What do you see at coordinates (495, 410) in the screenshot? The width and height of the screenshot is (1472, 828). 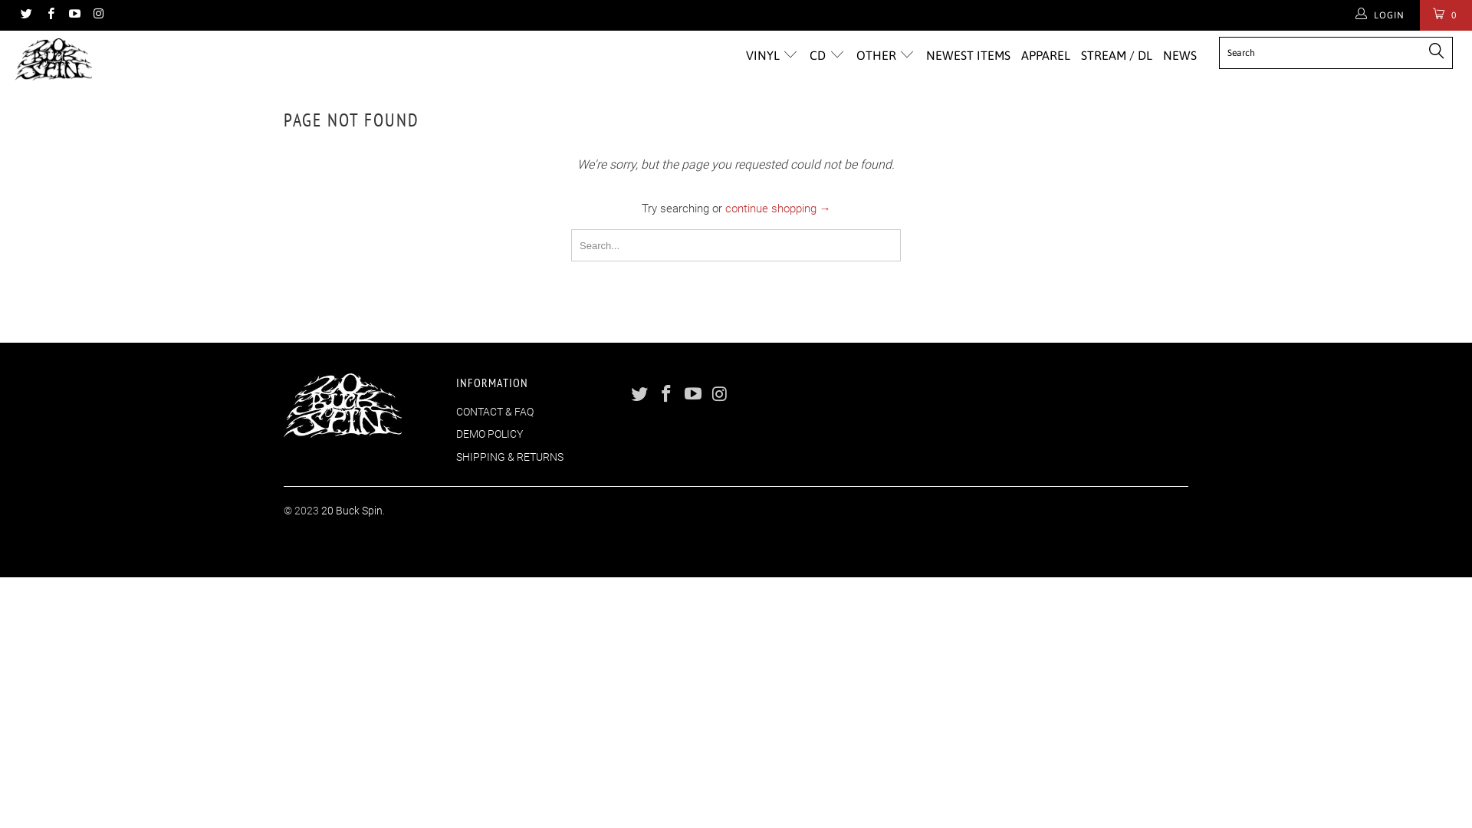 I see `'CONTACT & FAQ'` at bounding box center [495, 410].